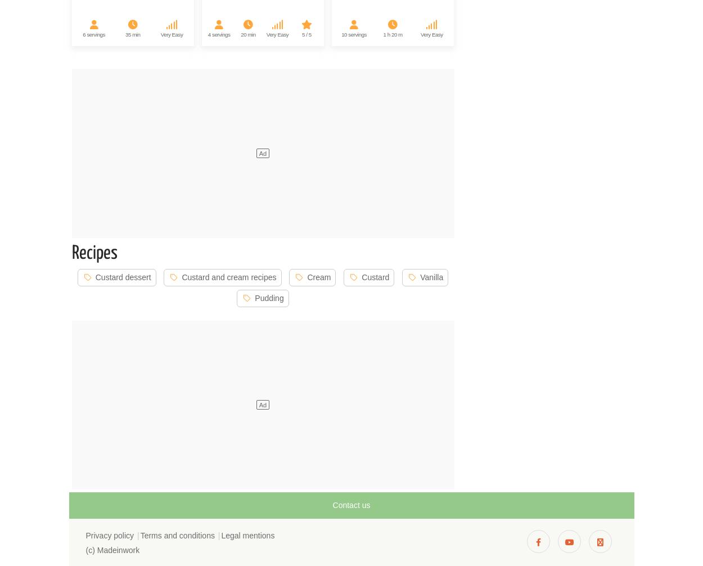  What do you see at coordinates (307, 34) in the screenshot?
I see `'5 / 5'` at bounding box center [307, 34].